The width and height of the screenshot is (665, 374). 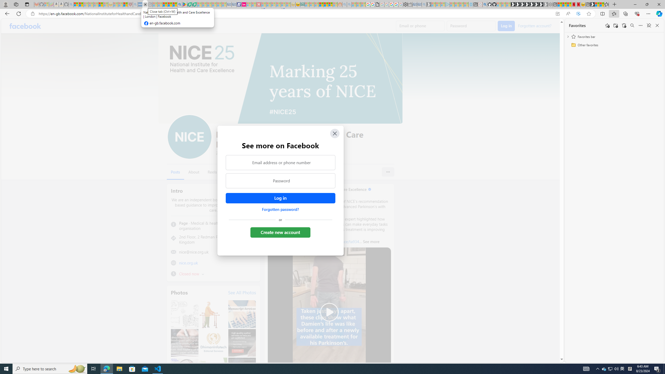 I want to click on 'App available. Install Facebook', so click(x=557, y=14).